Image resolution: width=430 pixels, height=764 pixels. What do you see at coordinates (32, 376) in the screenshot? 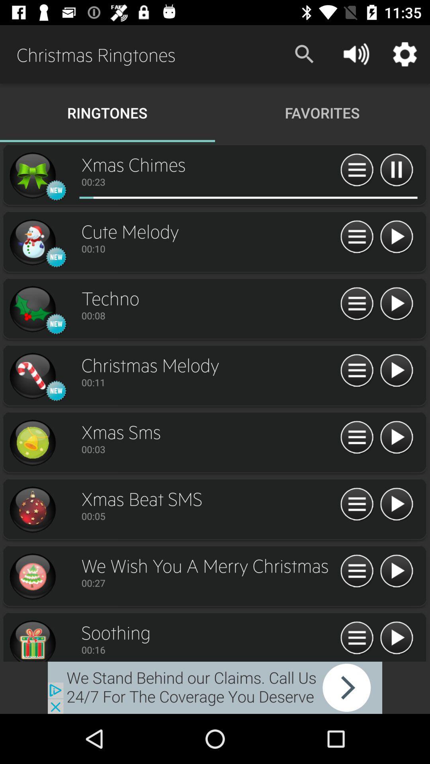
I see `open profile` at bounding box center [32, 376].